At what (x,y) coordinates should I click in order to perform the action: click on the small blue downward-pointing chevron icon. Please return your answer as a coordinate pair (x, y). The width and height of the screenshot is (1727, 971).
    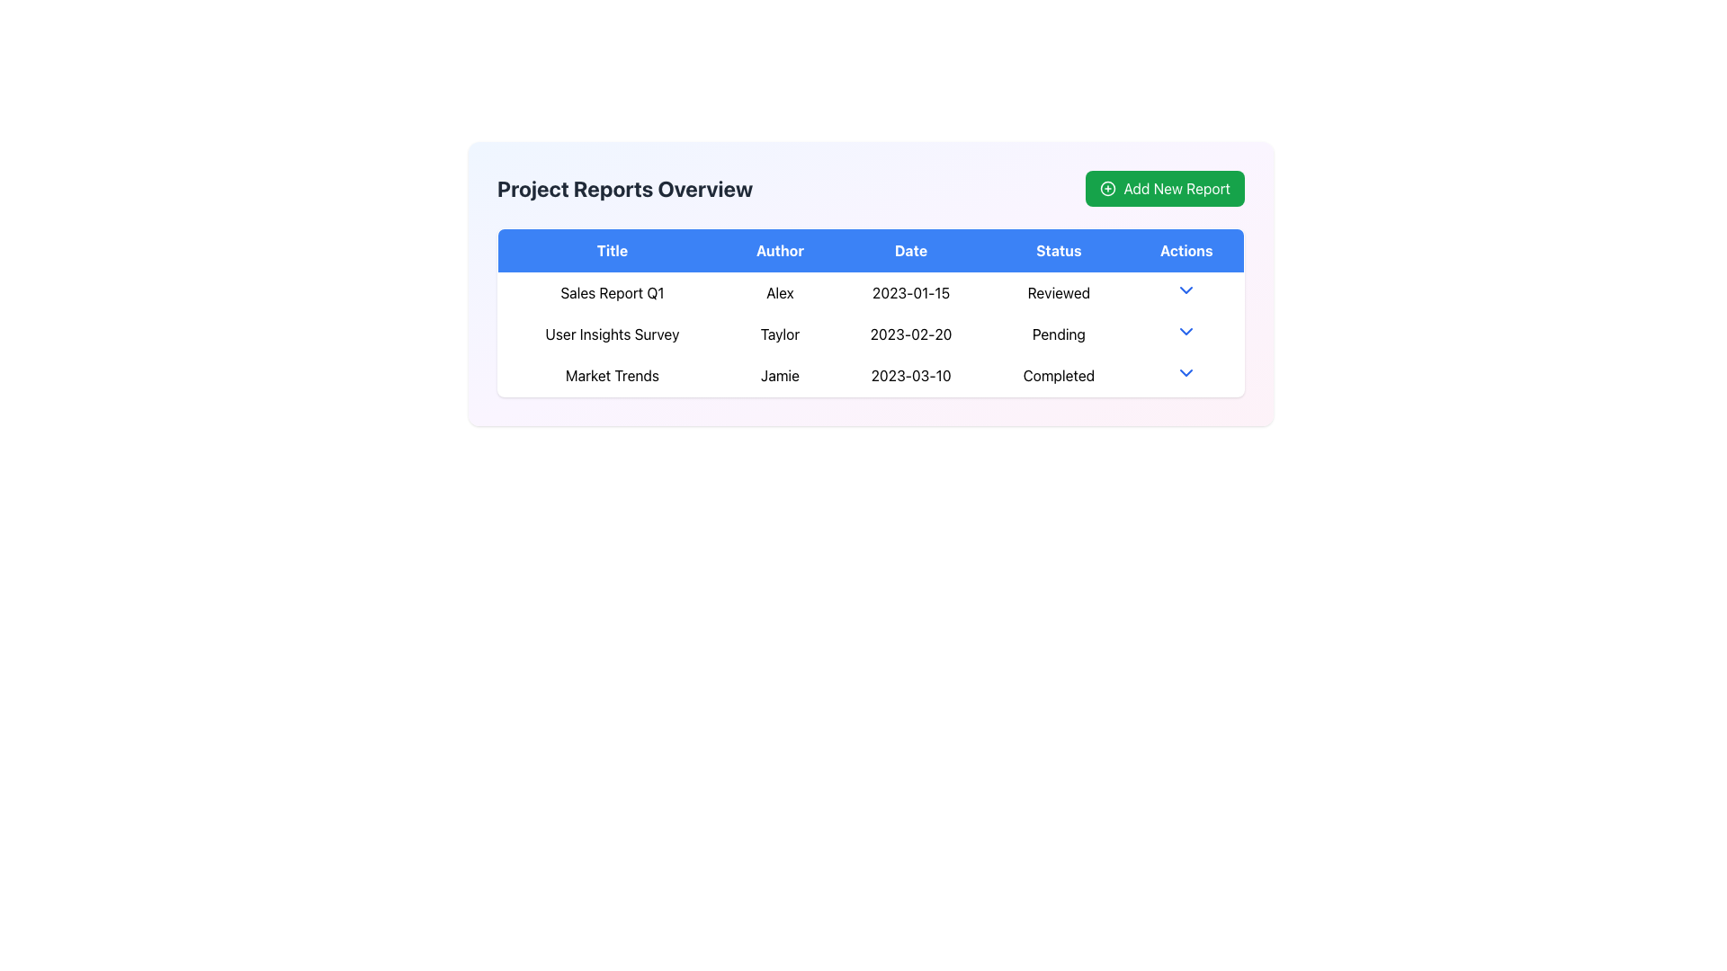
    Looking at the image, I should click on (1186, 375).